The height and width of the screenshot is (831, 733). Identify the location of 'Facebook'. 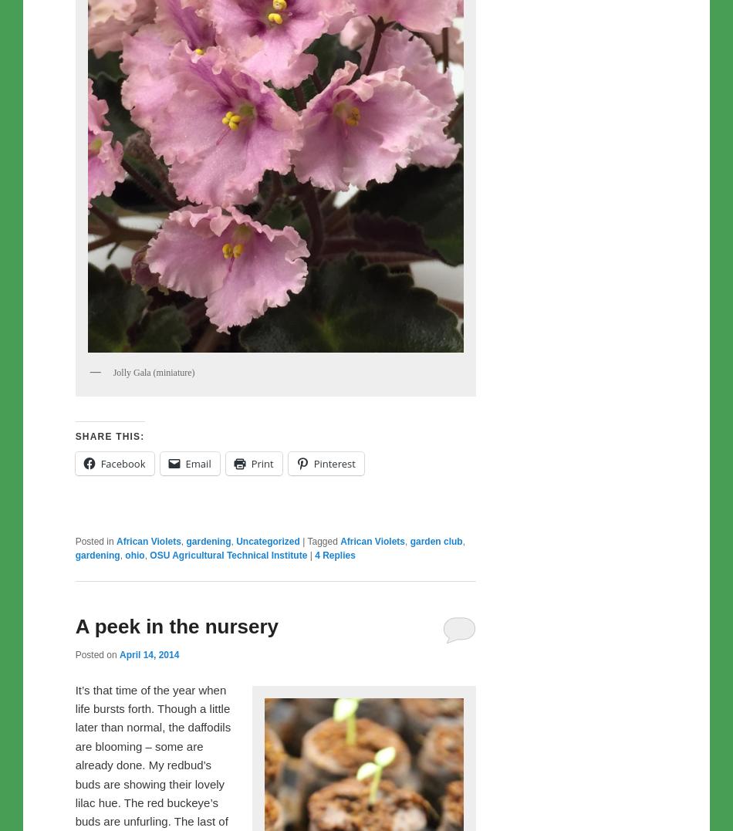
(123, 461).